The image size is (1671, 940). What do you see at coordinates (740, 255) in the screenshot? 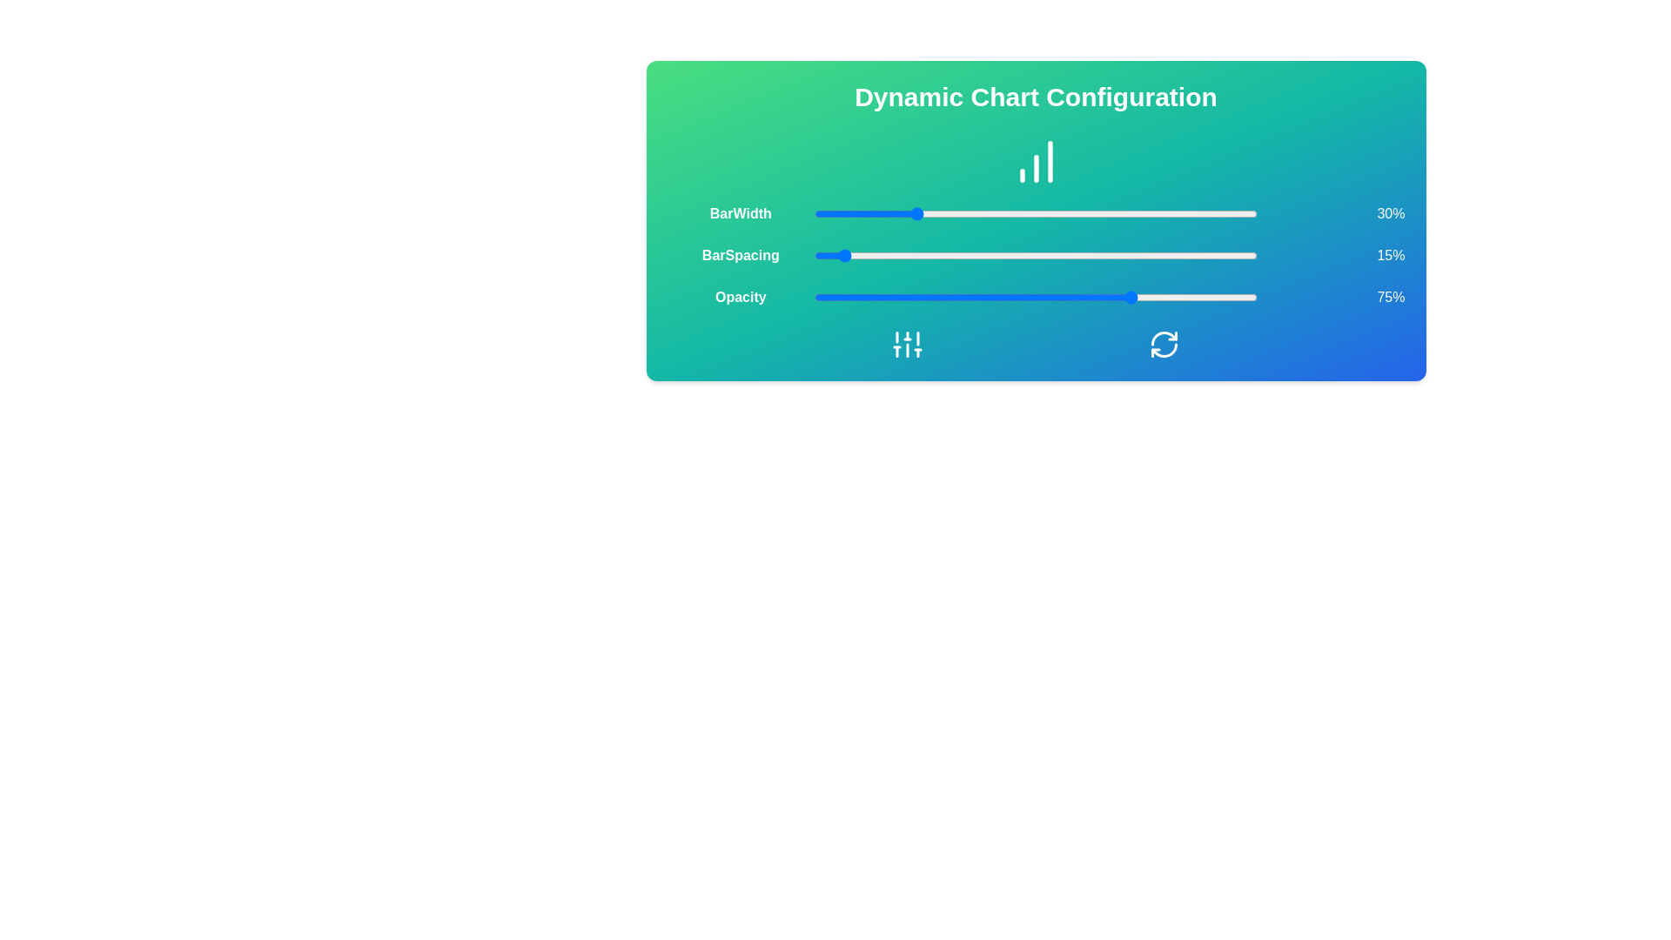
I see `the label BarSpacing to highlight it` at bounding box center [740, 255].